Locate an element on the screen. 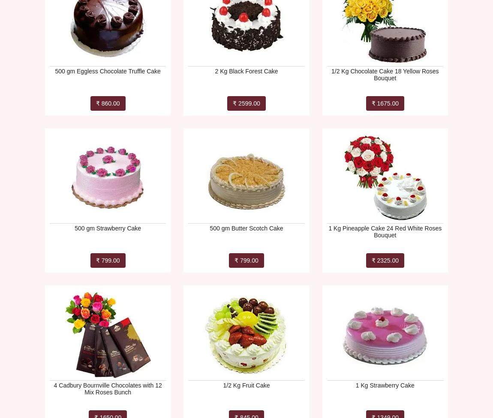  '2 Kg Black Forest Cake' is located at coordinates (246, 71).